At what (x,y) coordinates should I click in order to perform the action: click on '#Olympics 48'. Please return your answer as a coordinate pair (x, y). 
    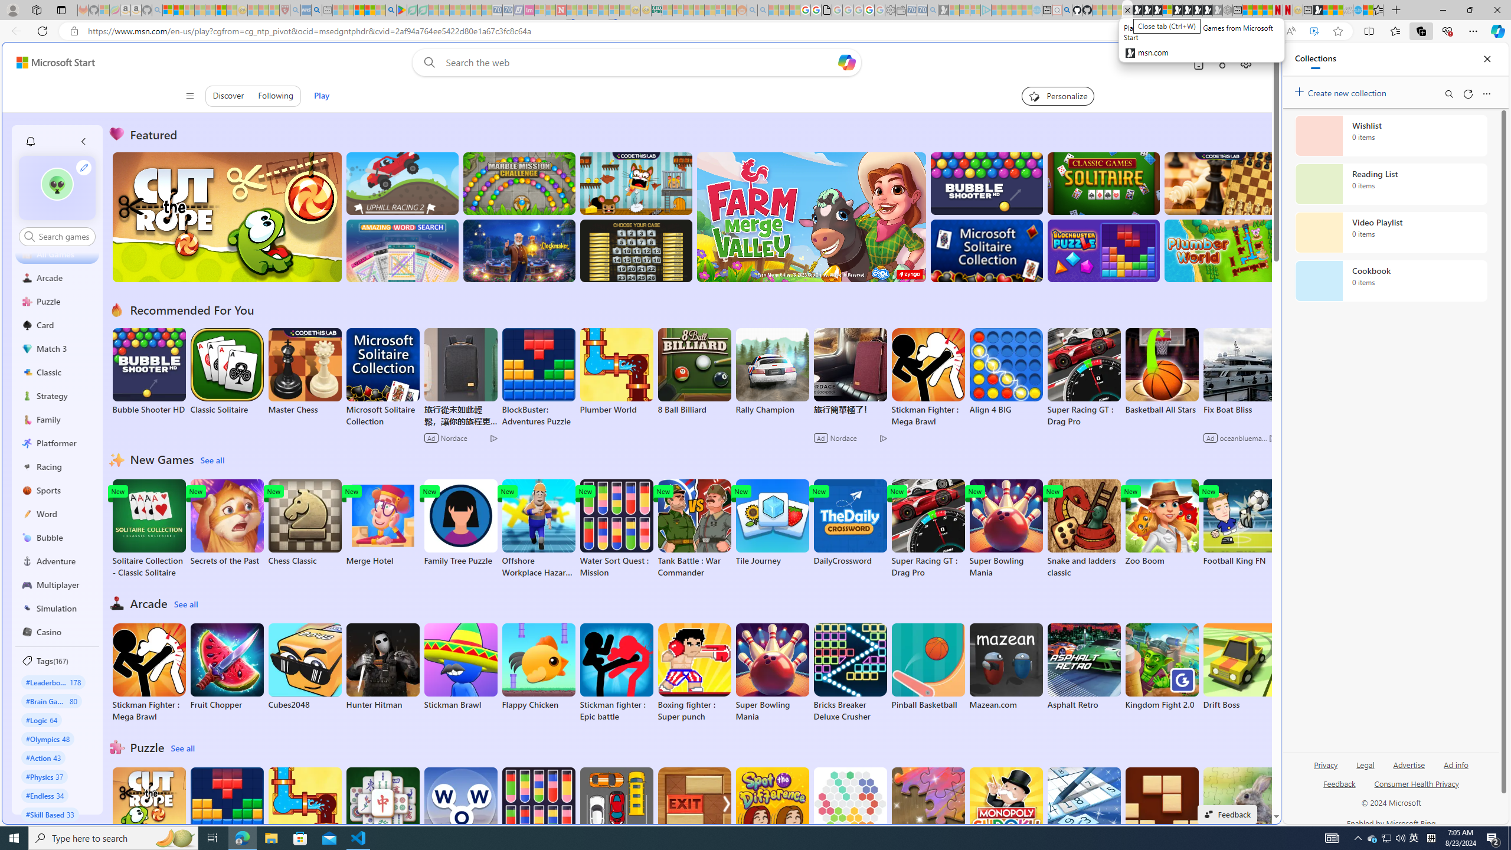
    Looking at the image, I should click on (48, 738).